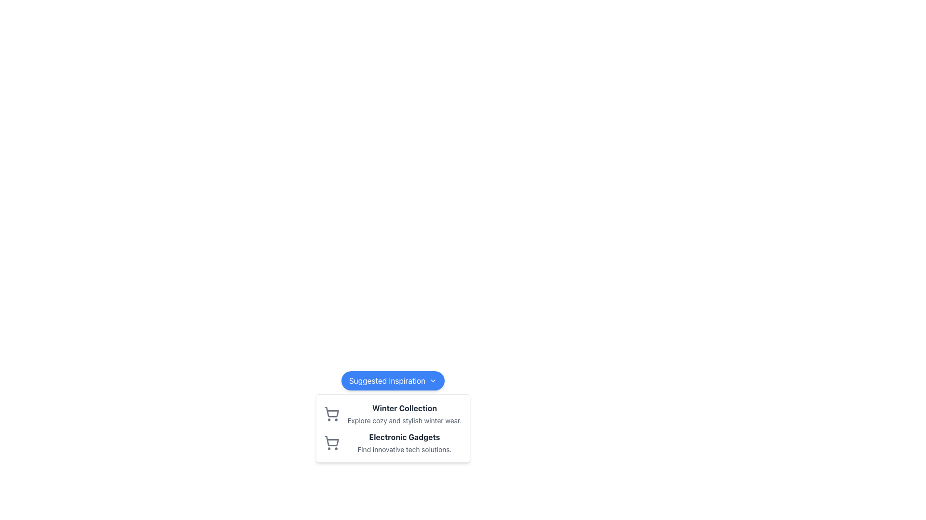 This screenshot has width=926, height=520. Describe the element at coordinates (331, 412) in the screenshot. I see `the shopping cart icon, which is a gray outline style representation located in the first row of the dropdown panel containing shopping-related content` at that location.